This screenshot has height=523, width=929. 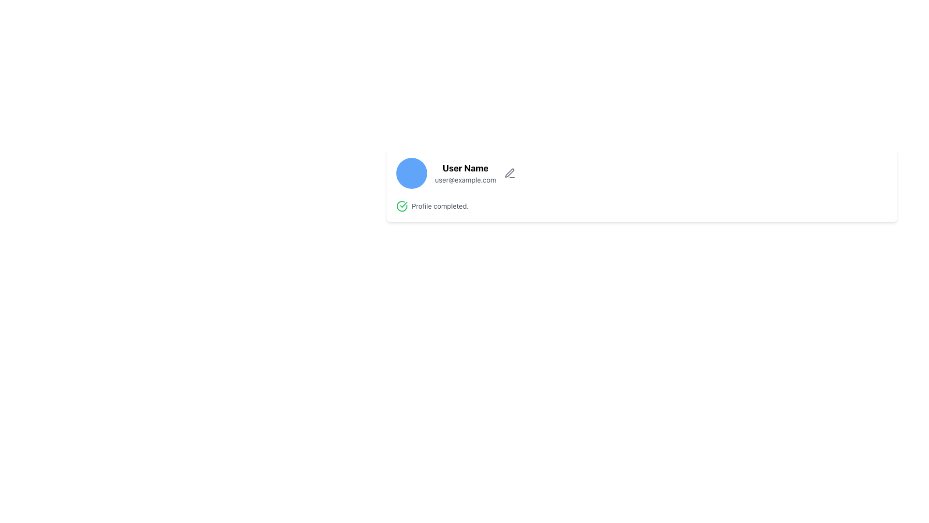 I want to click on the label displaying the user's name and email address, located near the top-right of the profile information panel, between the circular avatar and the edit icon, so click(x=465, y=173).